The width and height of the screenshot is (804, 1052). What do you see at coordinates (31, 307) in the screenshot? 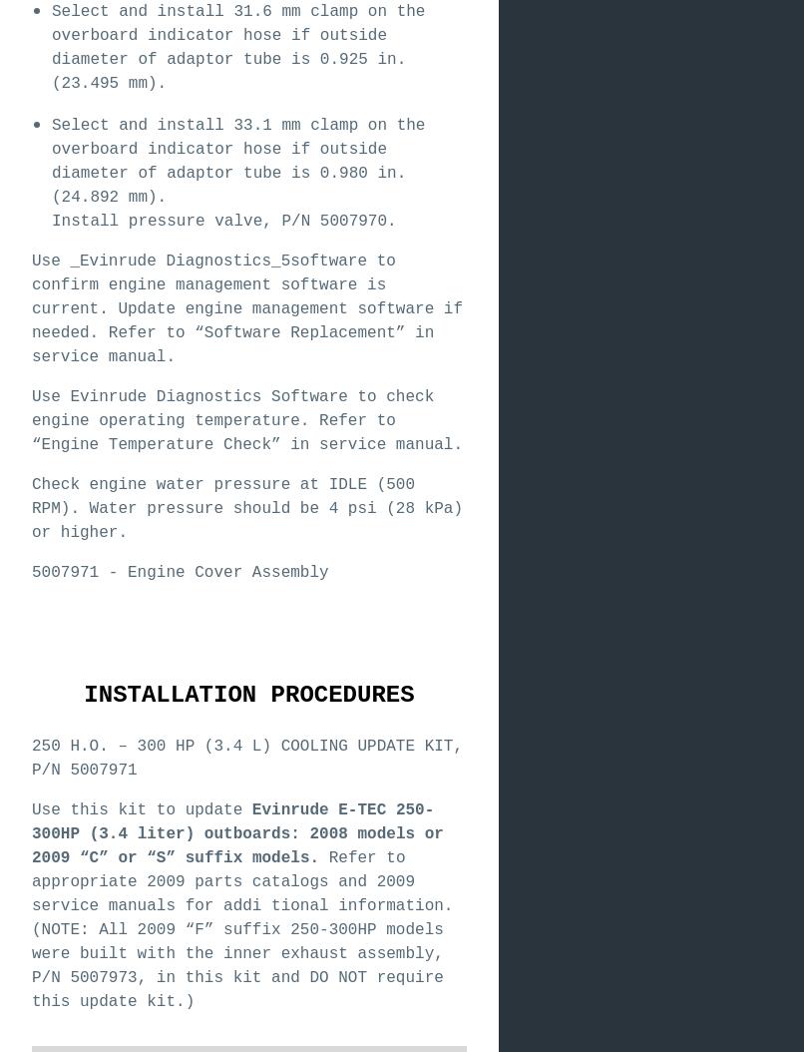
I see `'Use _Evinrude Diagnostics_5software to confirm engine management software is current. Update engine management software if needed. Refer to “Software Replacement” in service manual.'` at bounding box center [31, 307].